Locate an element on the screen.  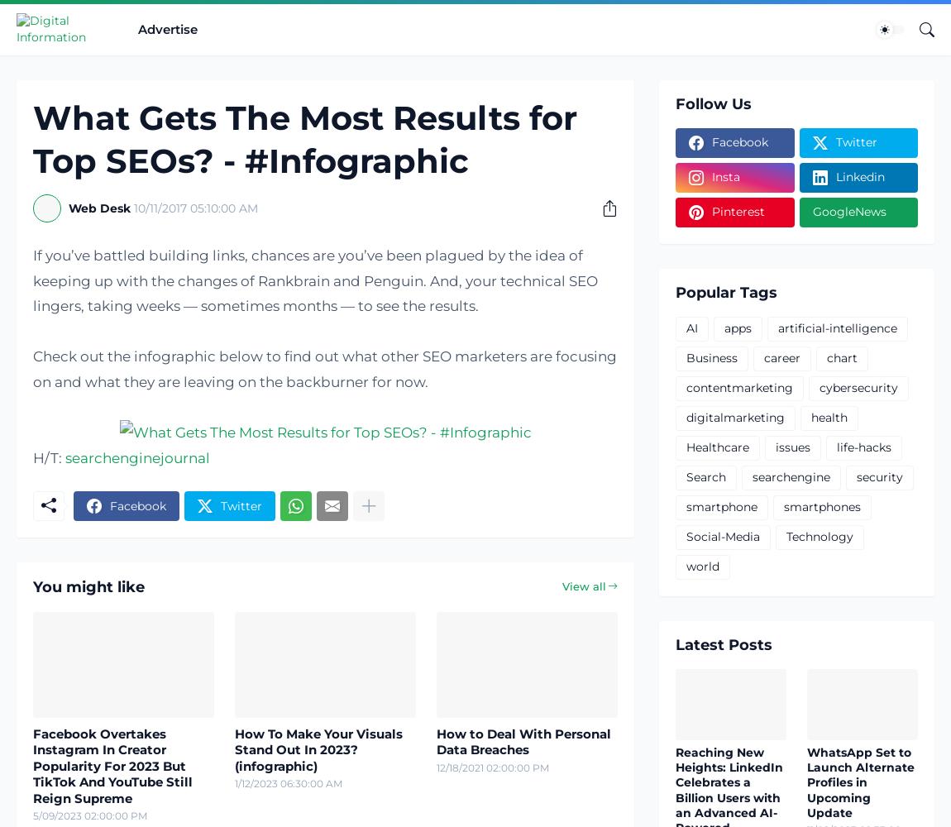
'Healthcare' is located at coordinates (718, 447).